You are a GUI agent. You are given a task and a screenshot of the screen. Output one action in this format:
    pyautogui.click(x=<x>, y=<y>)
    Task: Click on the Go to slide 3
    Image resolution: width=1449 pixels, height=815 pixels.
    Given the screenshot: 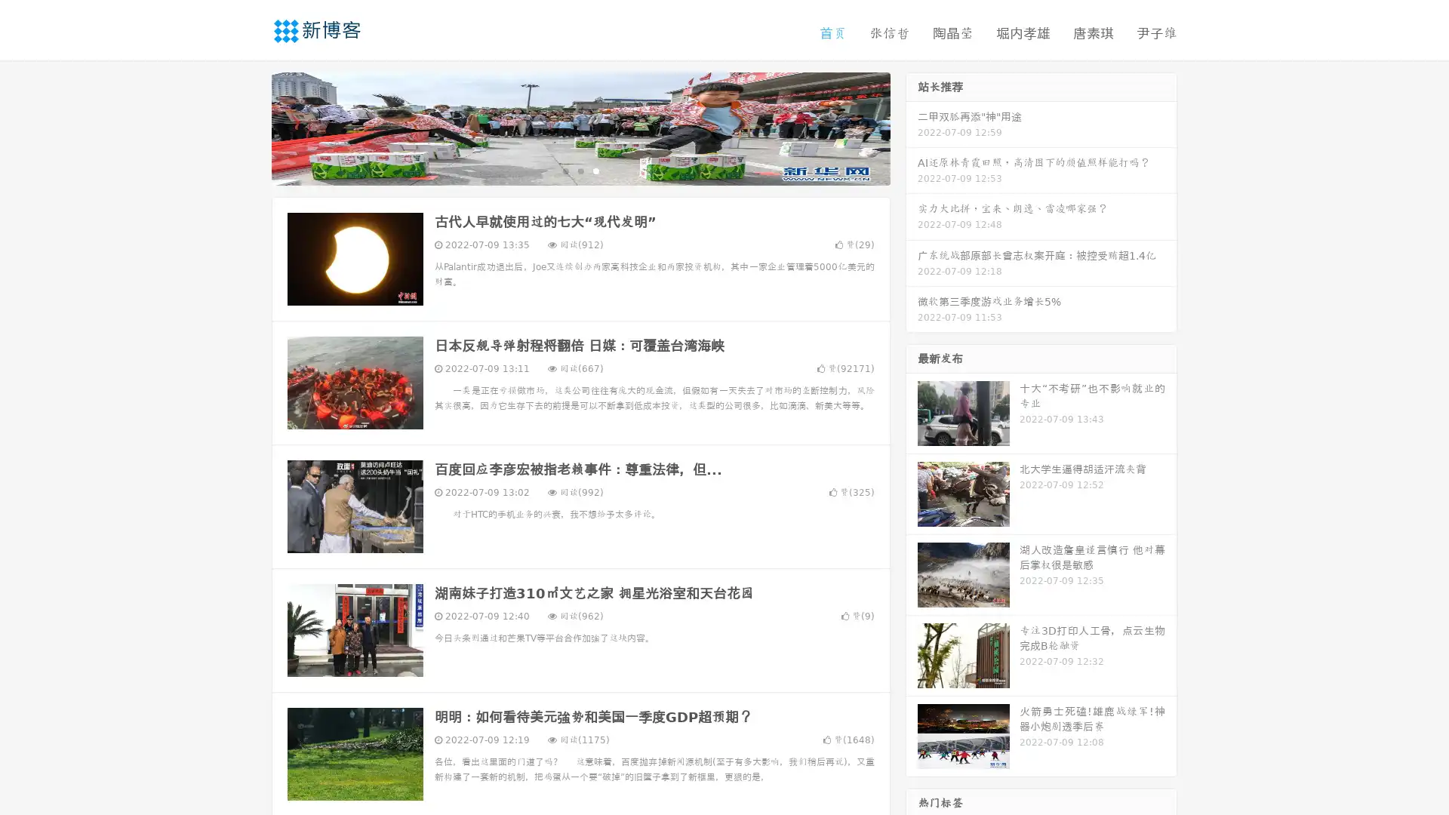 What is the action you would take?
    pyautogui.click(x=595, y=170)
    